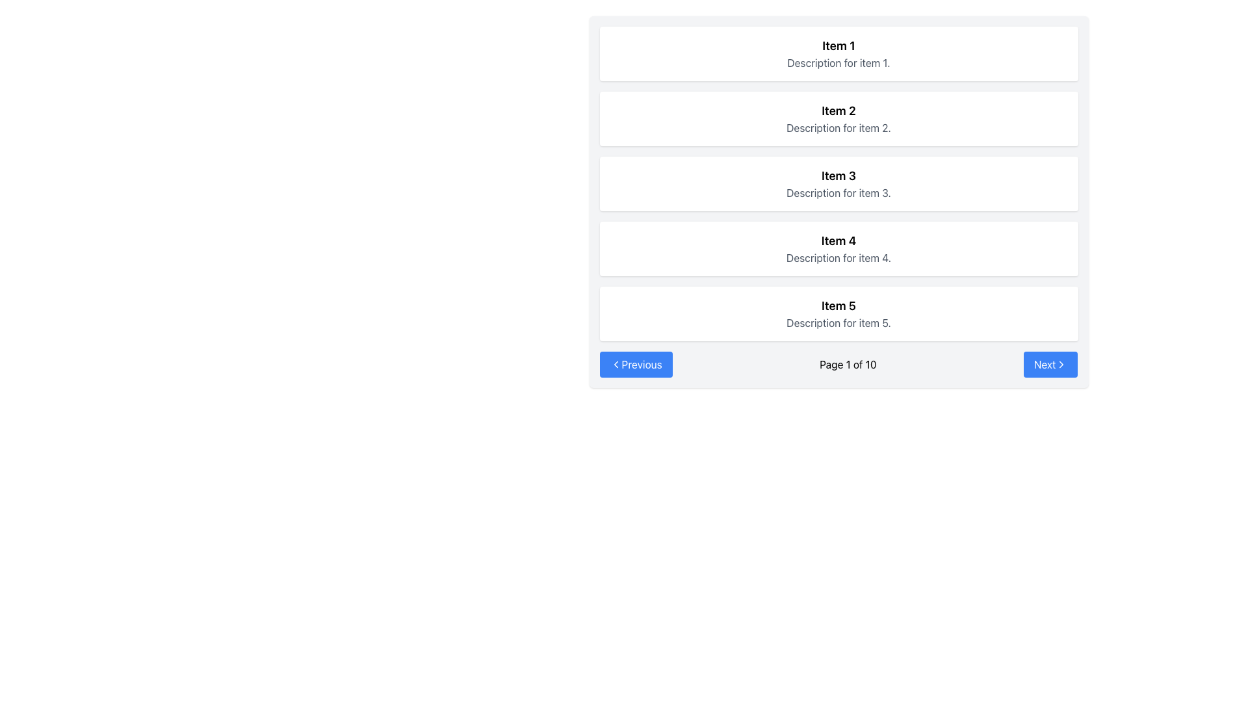 This screenshot has width=1248, height=702. I want to click on the Text label providing additional details for 'Item 2', located directly below the 'Item 2' label on the second card in a vertically stacked list of cards, so click(838, 127).